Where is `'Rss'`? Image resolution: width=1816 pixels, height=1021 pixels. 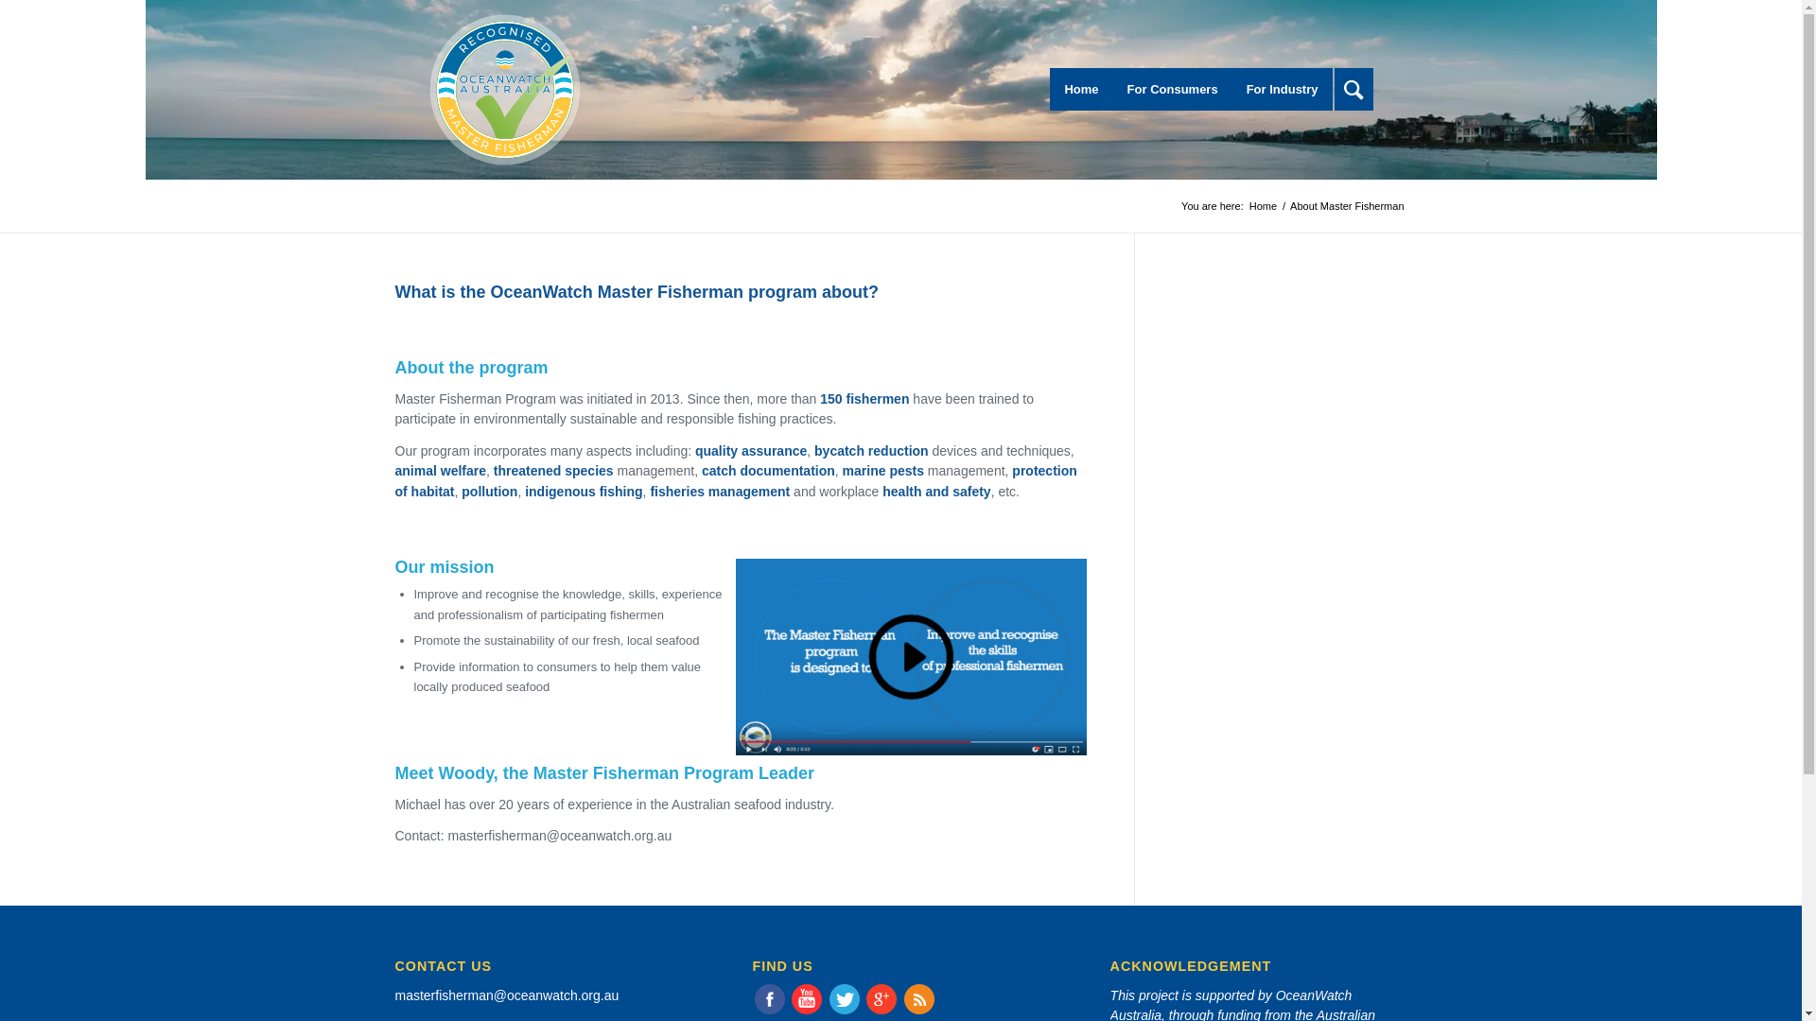
'Rss' is located at coordinates (918, 997).